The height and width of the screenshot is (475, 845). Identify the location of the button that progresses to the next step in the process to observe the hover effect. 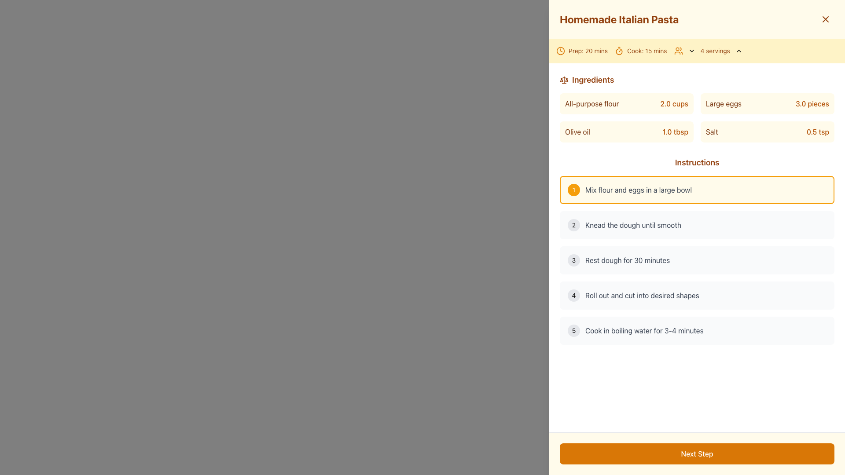
(697, 454).